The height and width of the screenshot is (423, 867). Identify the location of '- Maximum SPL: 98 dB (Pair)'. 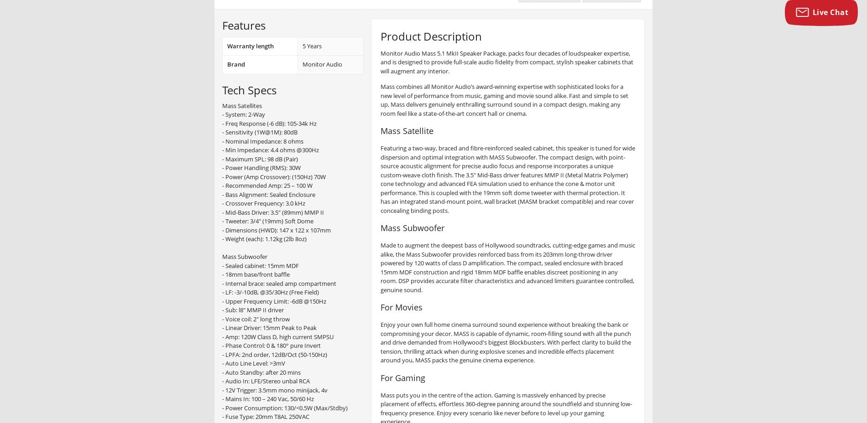
(260, 158).